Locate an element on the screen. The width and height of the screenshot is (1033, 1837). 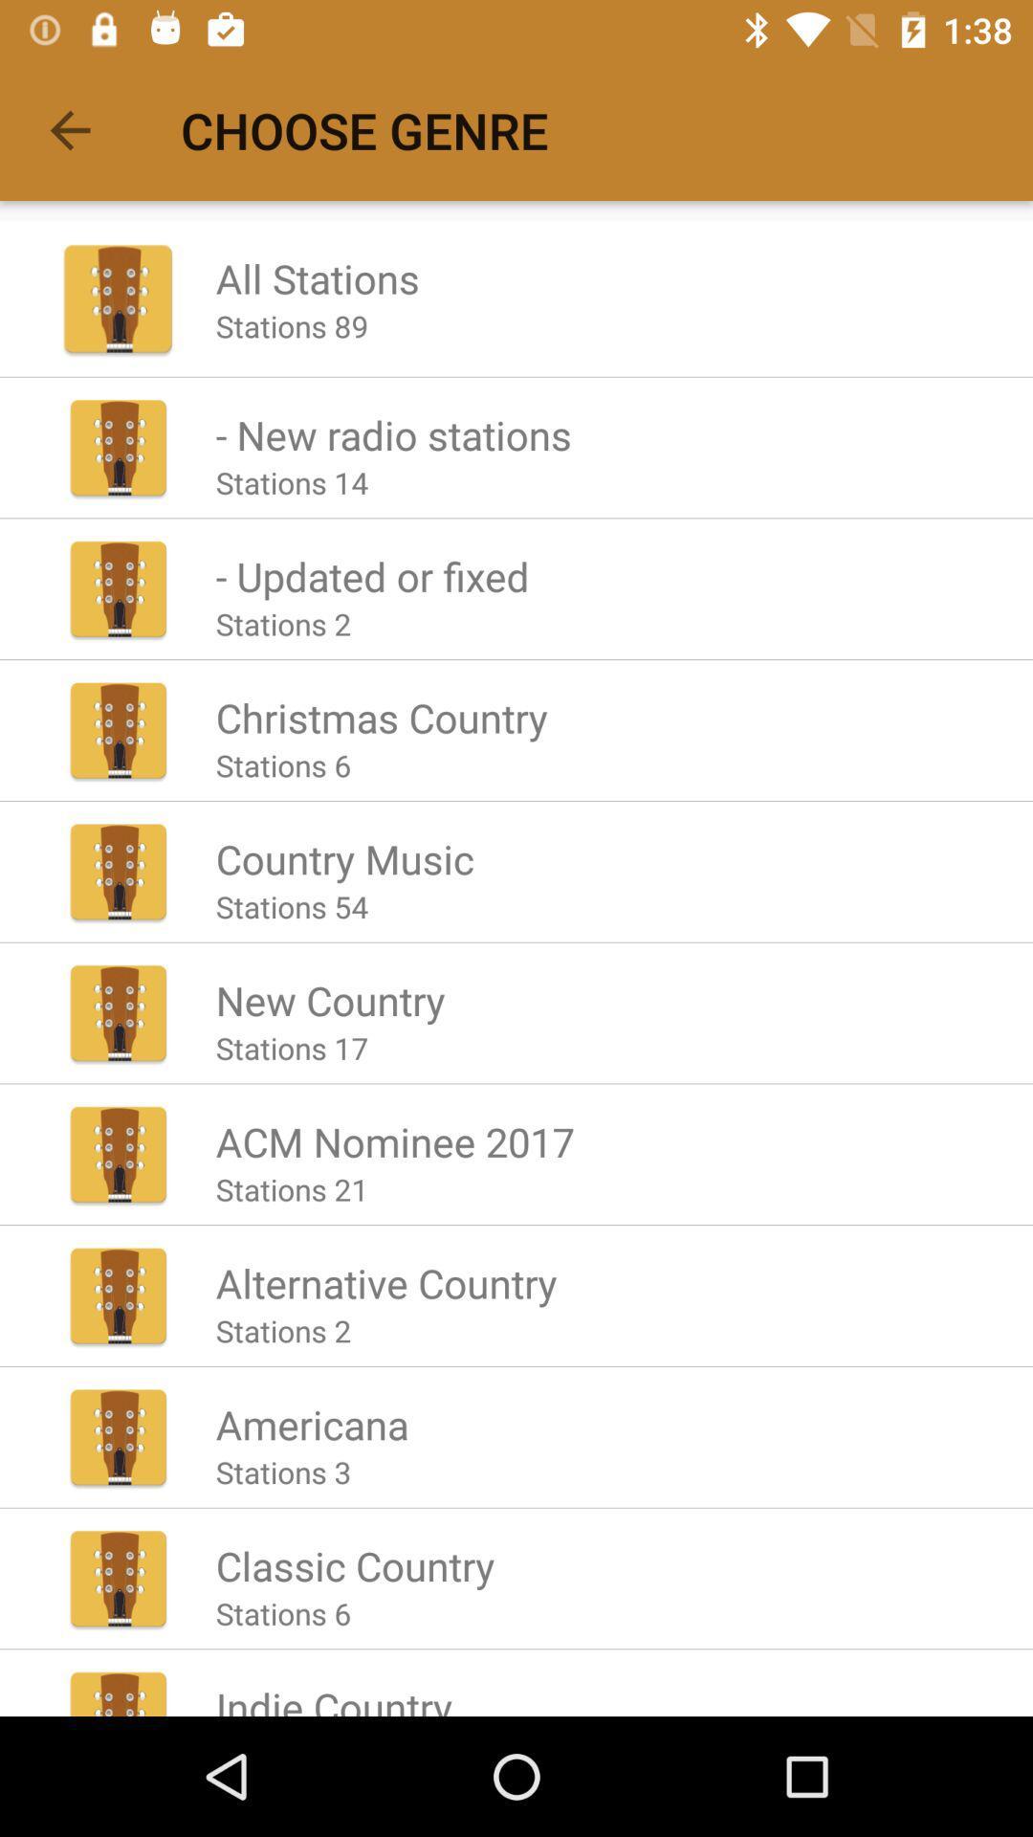
stations 17 item is located at coordinates (292, 1047).